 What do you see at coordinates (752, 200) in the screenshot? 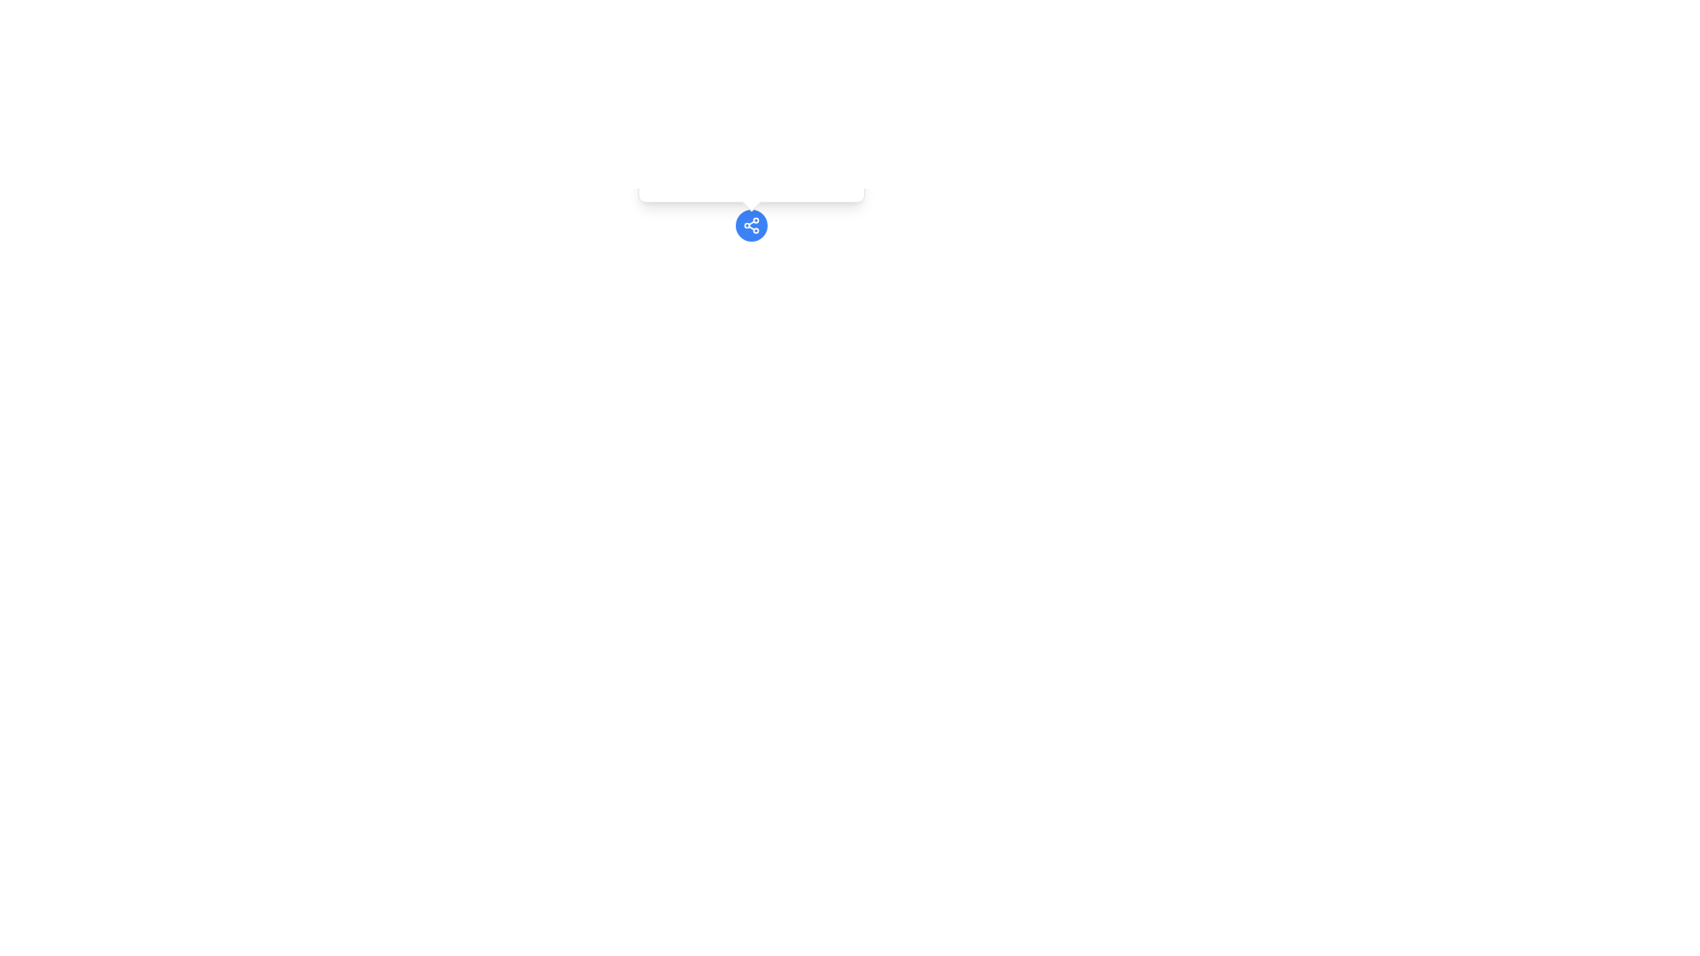
I see `the decorative triangular indicator located below the central axis of the containing element` at bounding box center [752, 200].